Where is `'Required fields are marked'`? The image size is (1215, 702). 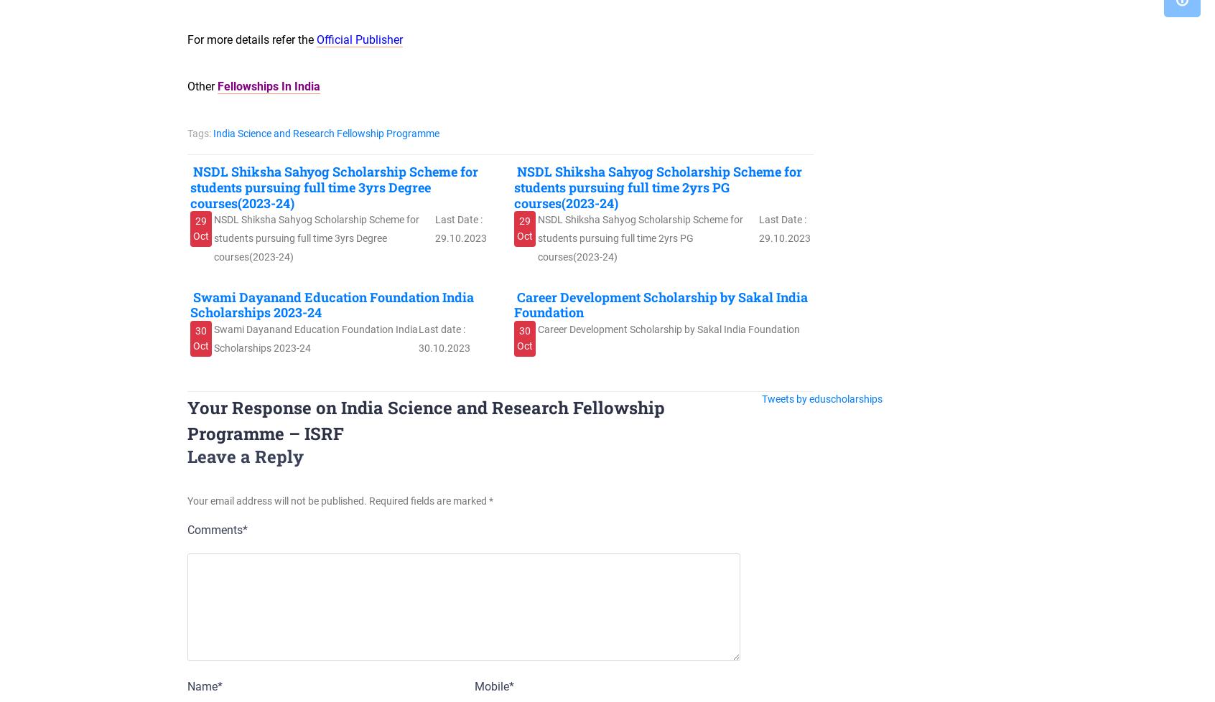
'Required fields are marked' is located at coordinates (428, 500).